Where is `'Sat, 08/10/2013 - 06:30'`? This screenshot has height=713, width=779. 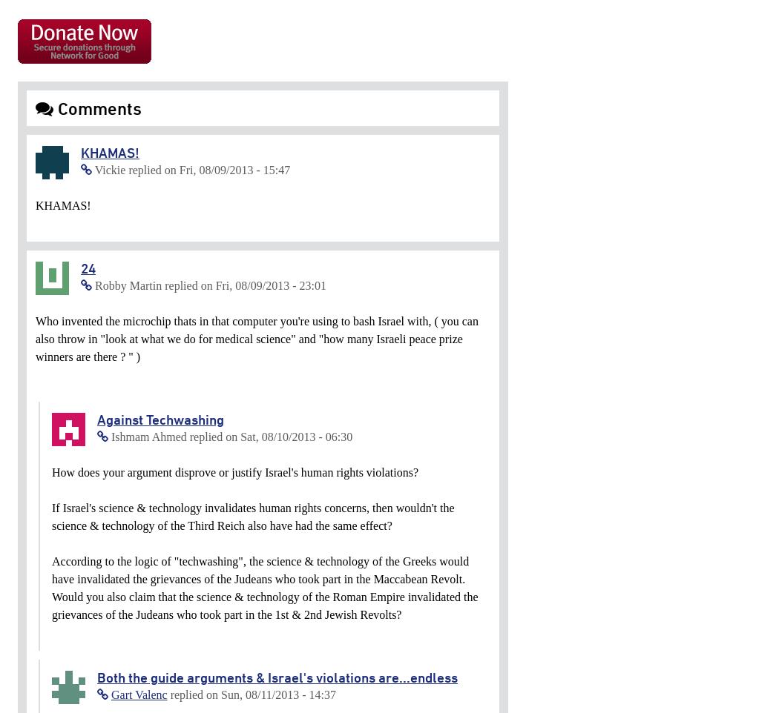 'Sat, 08/10/2013 - 06:30' is located at coordinates (296, 436).